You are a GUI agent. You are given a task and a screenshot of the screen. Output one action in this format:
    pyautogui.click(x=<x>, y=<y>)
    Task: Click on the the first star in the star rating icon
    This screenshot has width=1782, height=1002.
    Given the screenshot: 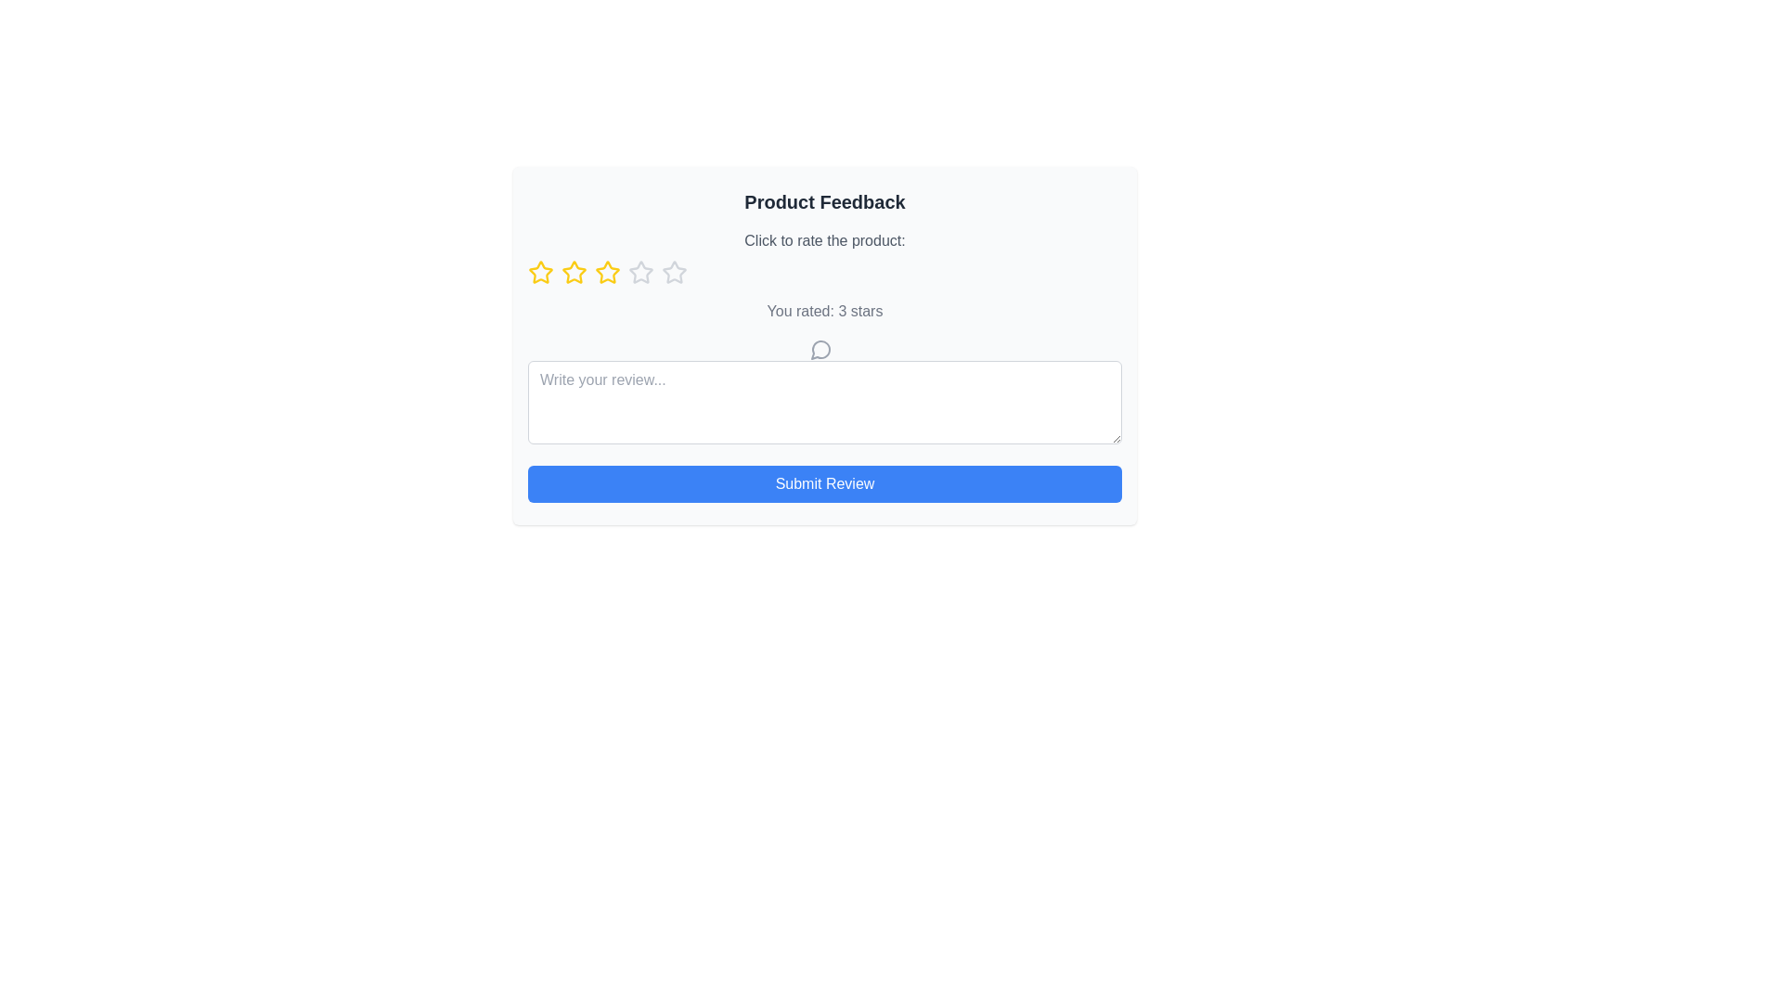 What is the action you would take?
    pyautogui.click(x=538, y=272)
    